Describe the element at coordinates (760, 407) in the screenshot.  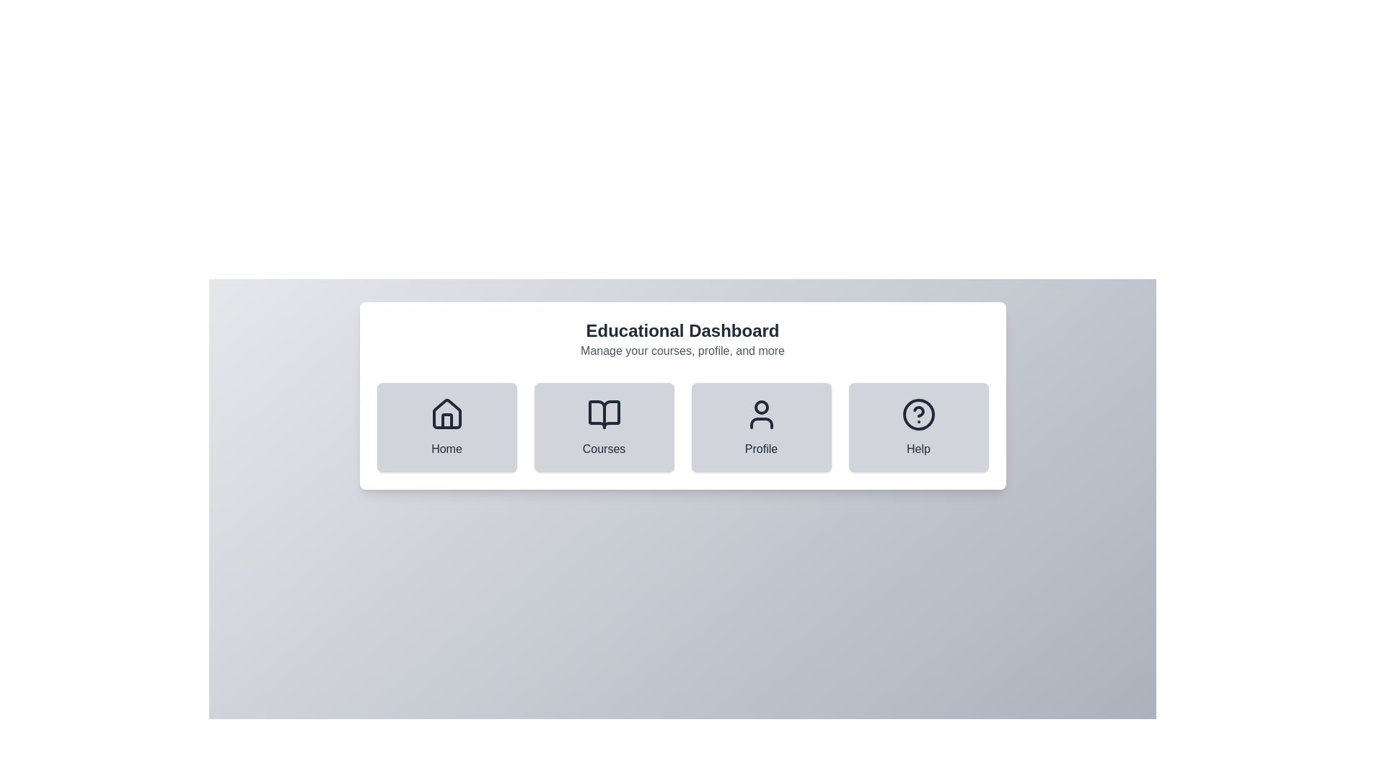
I see `the Circle element that represents the head in the profile icon, located in the top-center area of the profile section` at that location.